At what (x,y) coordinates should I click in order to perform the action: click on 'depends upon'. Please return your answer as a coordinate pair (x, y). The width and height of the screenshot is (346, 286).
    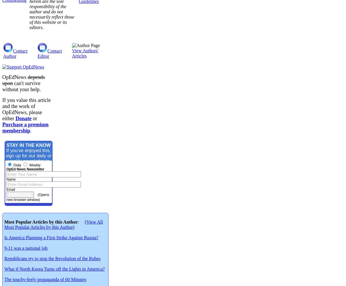
    Looking at the image, I should click on (2, 80).